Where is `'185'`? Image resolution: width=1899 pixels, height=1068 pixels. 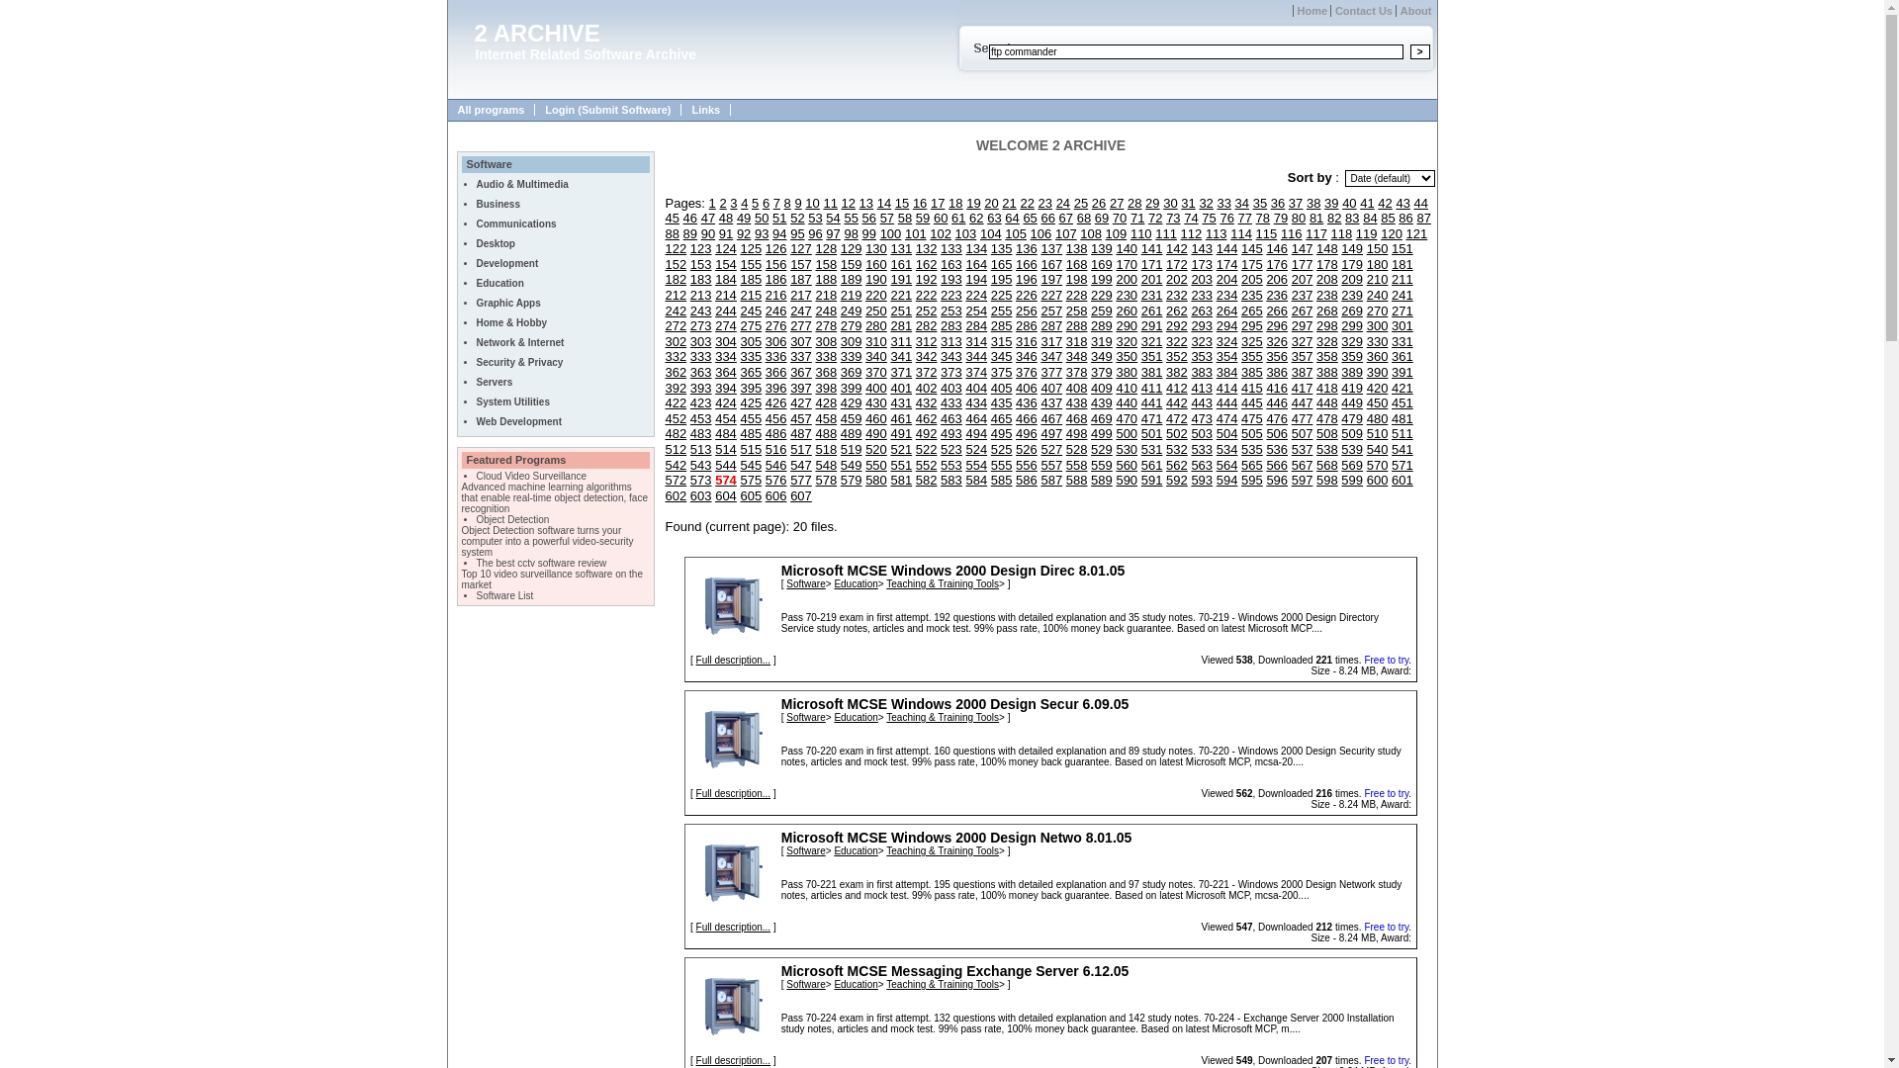
'185' is located at coordinates (749, 279).